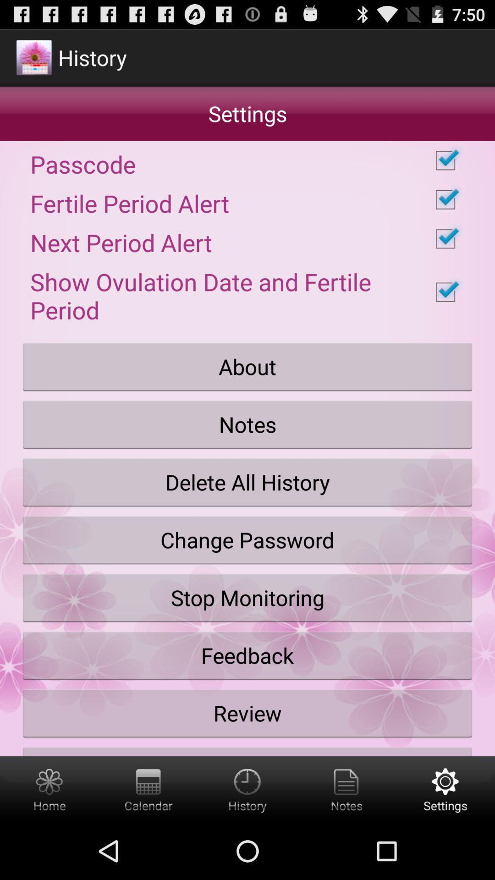 This screenshot has width=495, height=880. What do you see at coordinates (247, 482) in the screenshot?
I see `the delete all history icon` at bounding box center [247, 482].